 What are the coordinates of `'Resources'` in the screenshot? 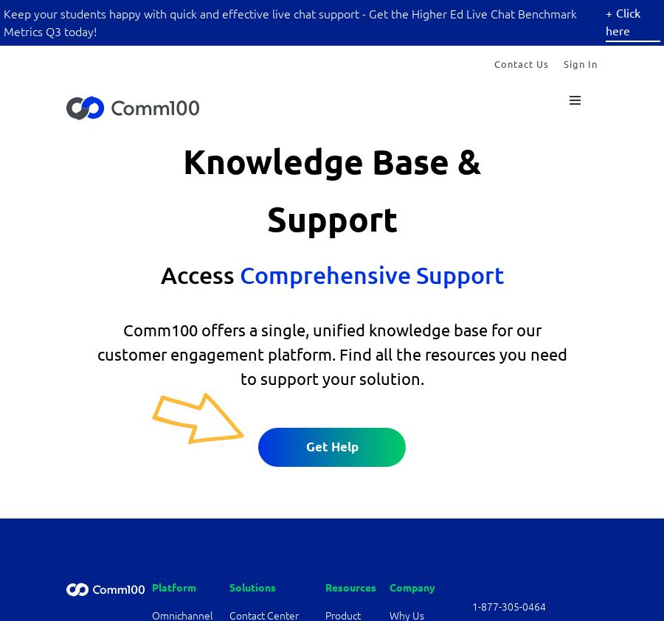 It's located at (350, 587).